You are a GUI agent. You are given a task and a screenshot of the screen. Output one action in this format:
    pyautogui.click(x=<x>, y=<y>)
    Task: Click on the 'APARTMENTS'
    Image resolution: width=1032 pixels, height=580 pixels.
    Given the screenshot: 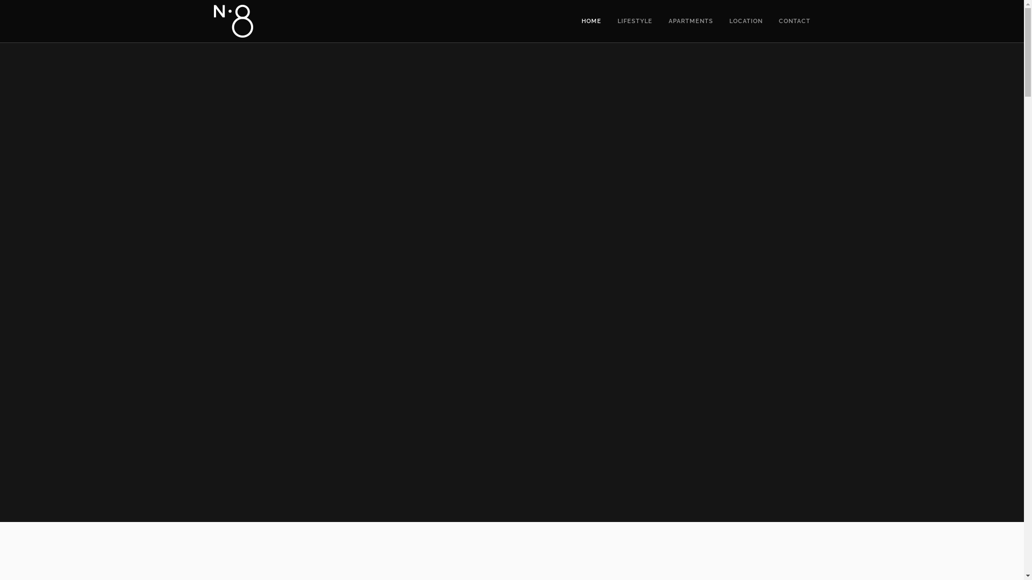 What is the action you would take?
    pyautogui.click(x=691, y=21)
    